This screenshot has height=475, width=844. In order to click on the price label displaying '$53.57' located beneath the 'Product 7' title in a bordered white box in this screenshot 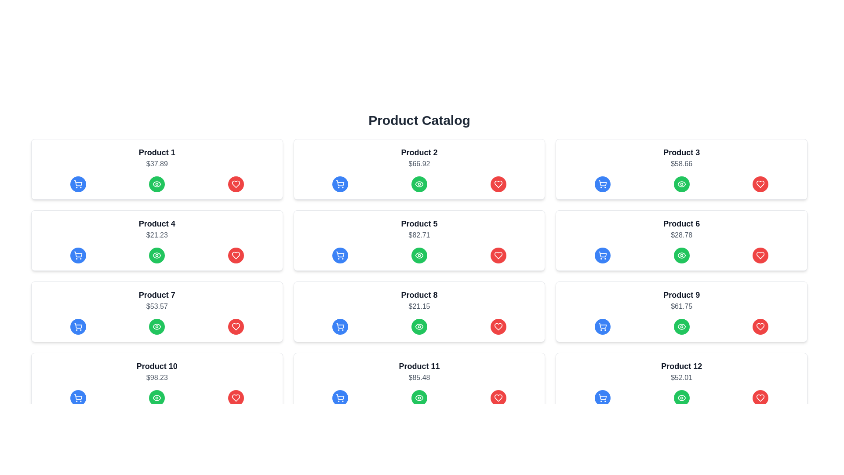, I will do `click(157, 306)`.